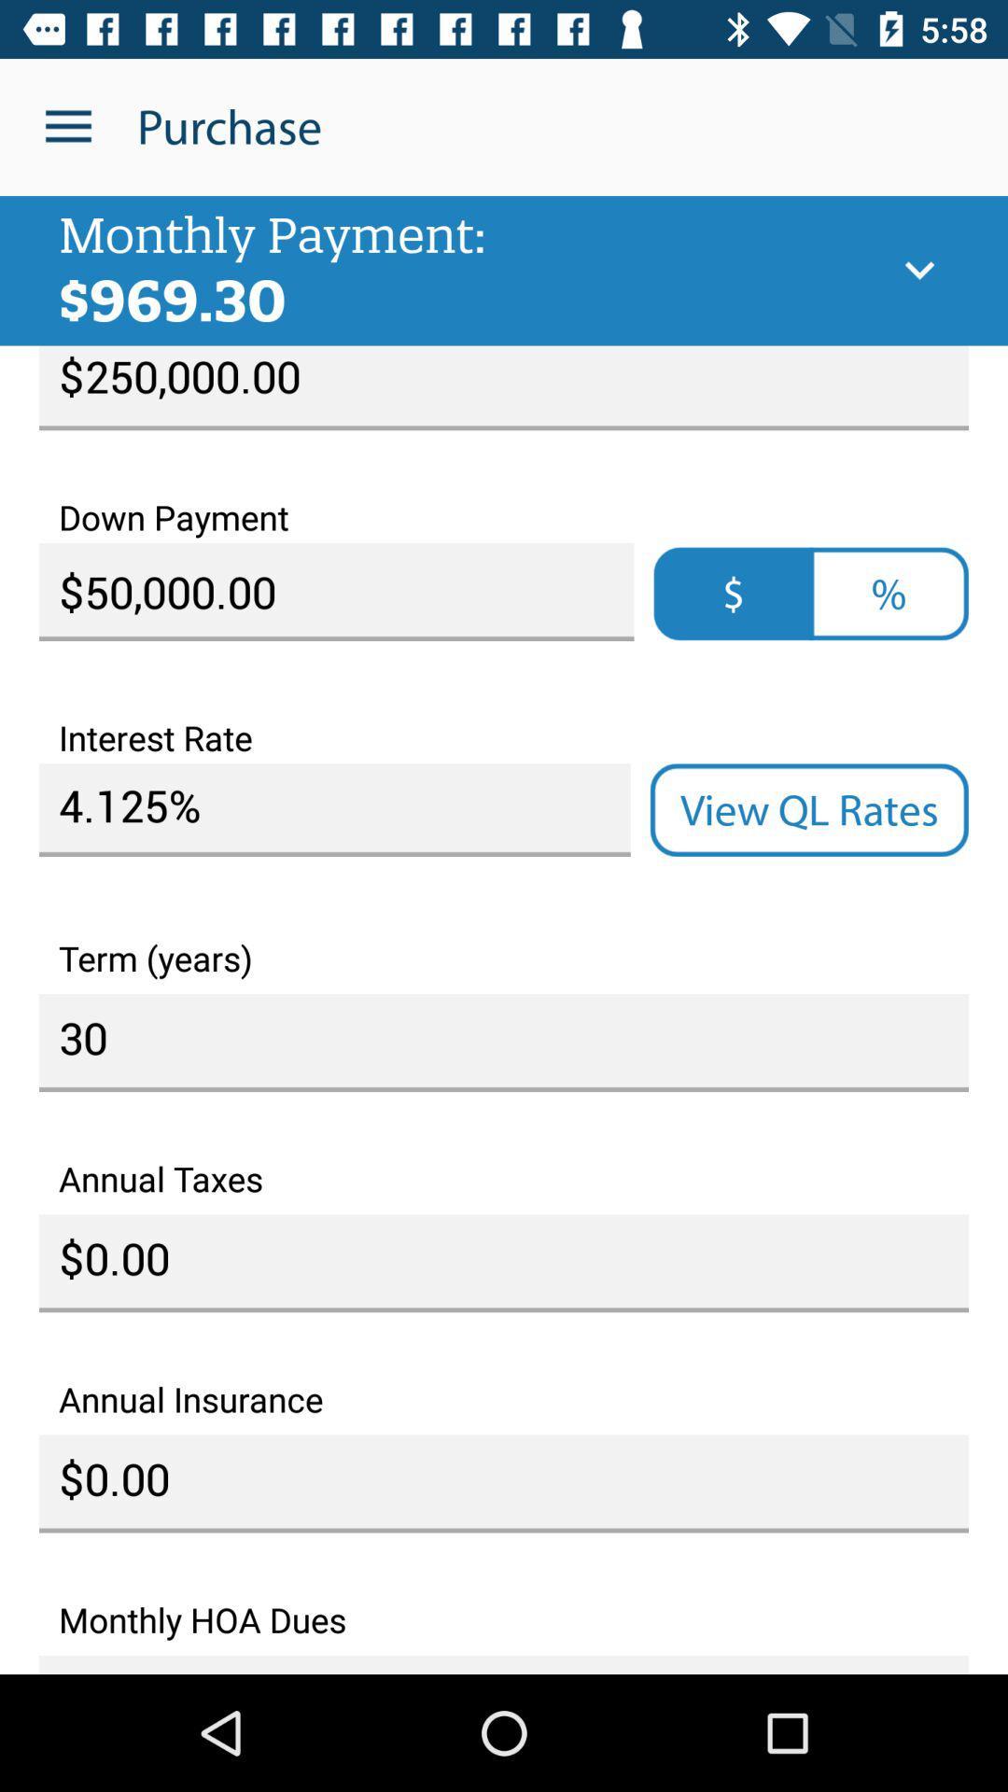  I want to click on item above the monthly payment: icon, so click(67, 126).